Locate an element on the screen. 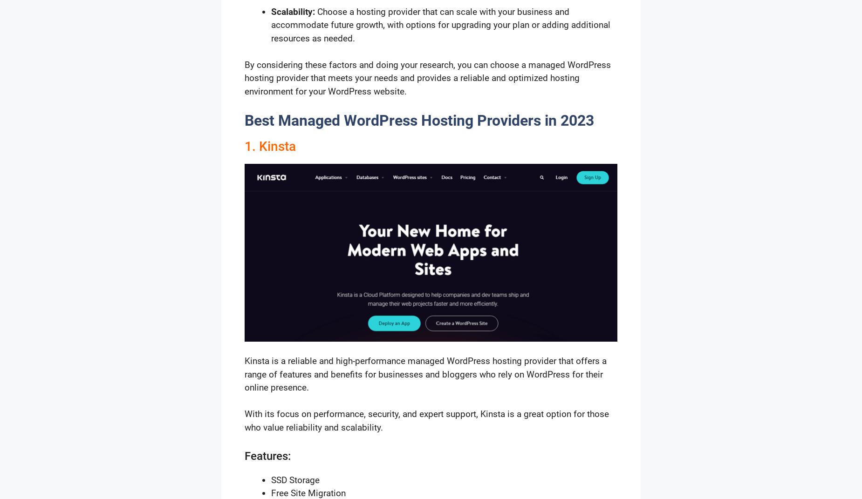  'With its focus on performance, security, and expert support, Kinsta is a great option for those who value reliability and scalability.' is located at coordinates (426, 420).